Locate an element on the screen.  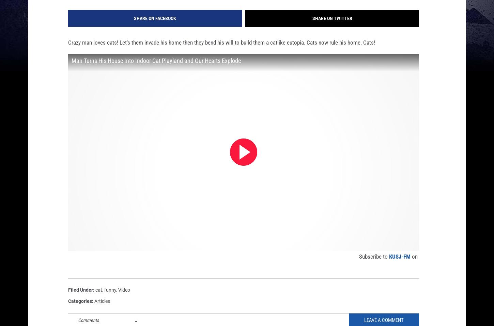
'Man Turns His House Into Indoor Cat Playland and Our Hearts Explode' is located at coordinates (156, 71).